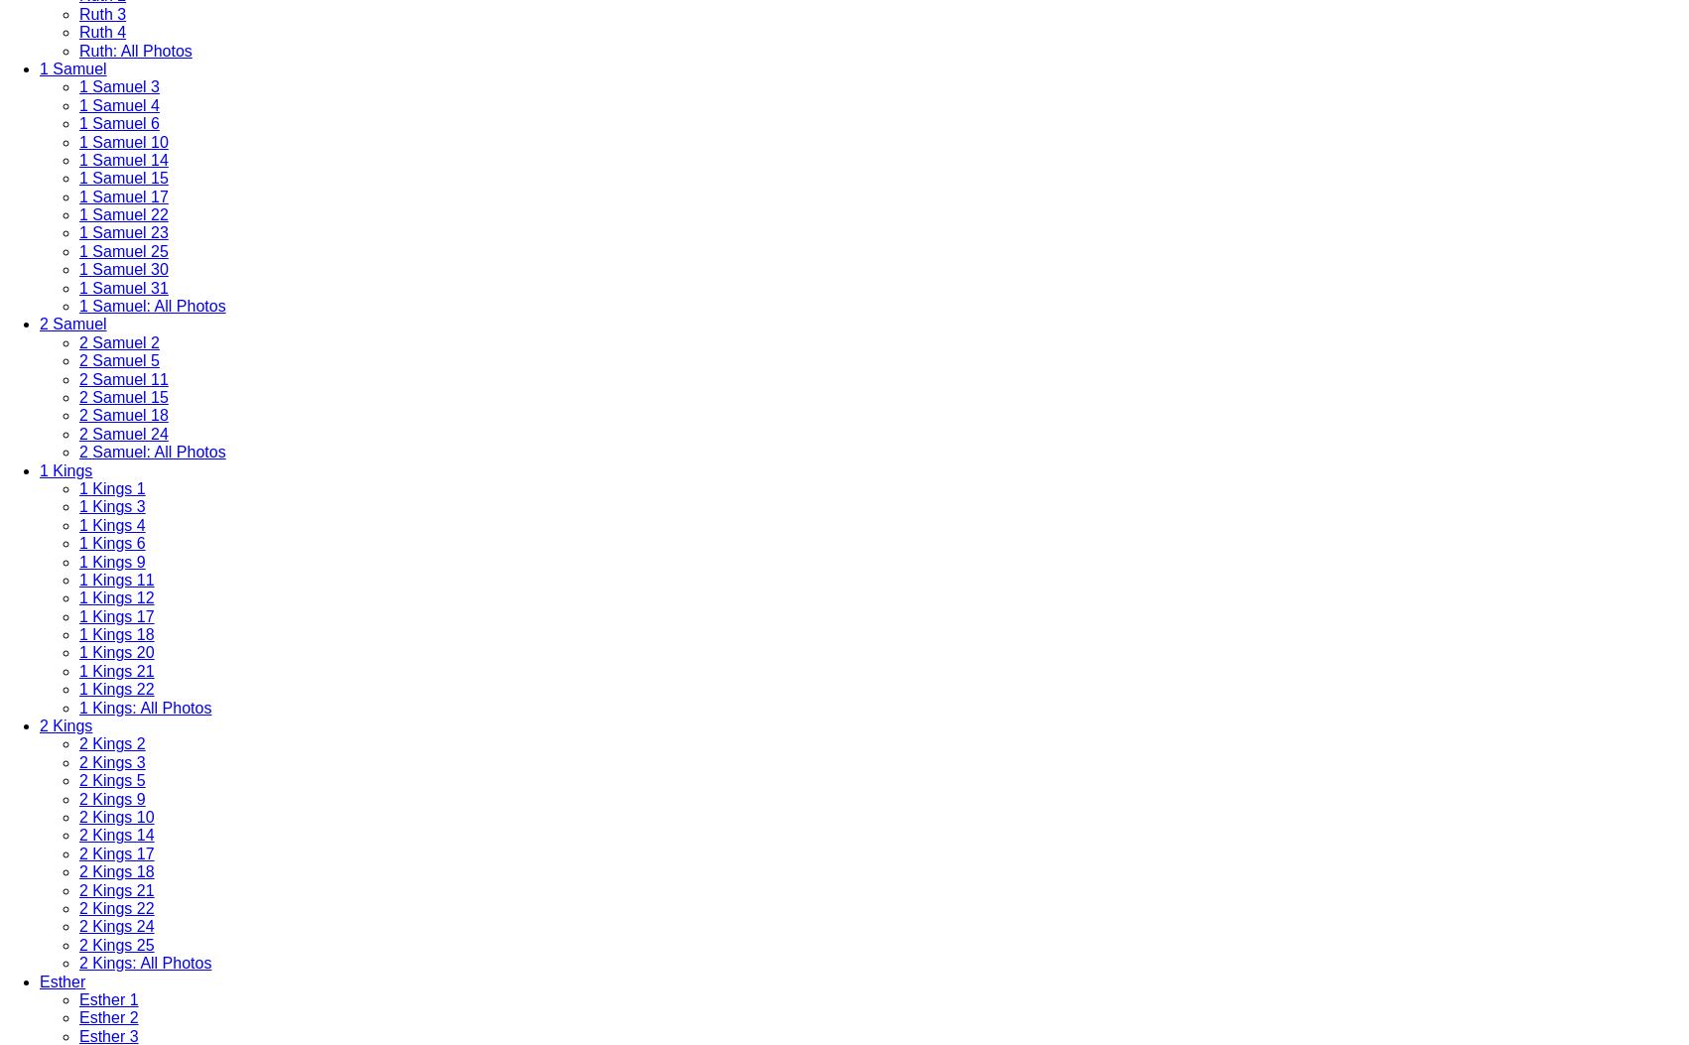  Describe the element at coordinates (116, 834) in the screenshot. I see `'2 Kings 14'` at that location.